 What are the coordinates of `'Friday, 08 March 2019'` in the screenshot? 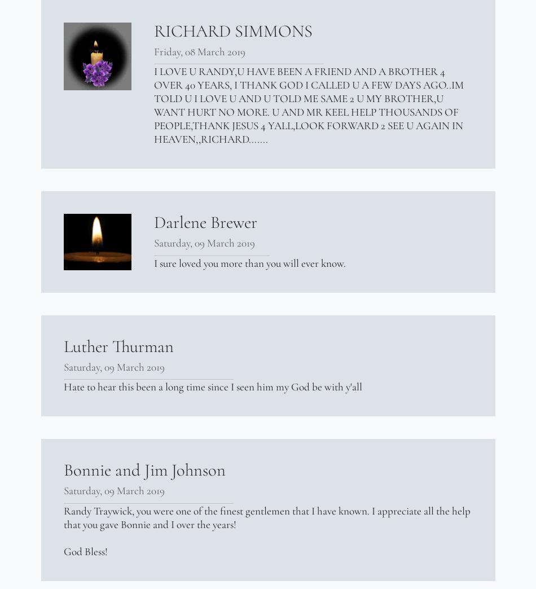 It's located at (199, 51).